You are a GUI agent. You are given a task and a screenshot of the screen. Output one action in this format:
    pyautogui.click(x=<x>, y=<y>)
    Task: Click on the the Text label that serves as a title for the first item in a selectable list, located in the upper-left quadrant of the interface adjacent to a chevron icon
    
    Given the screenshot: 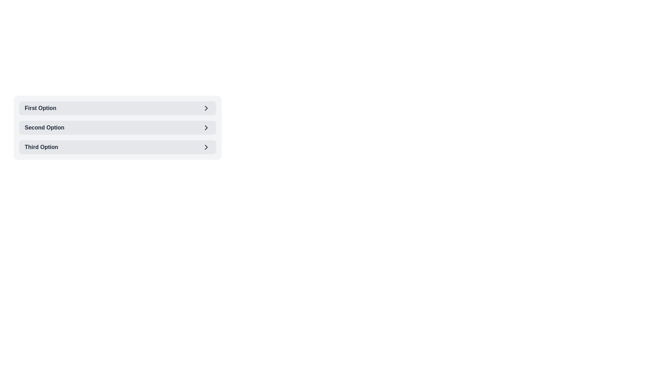 What is the action you would take?
    pyautogui.click(x=40, y=108)
    